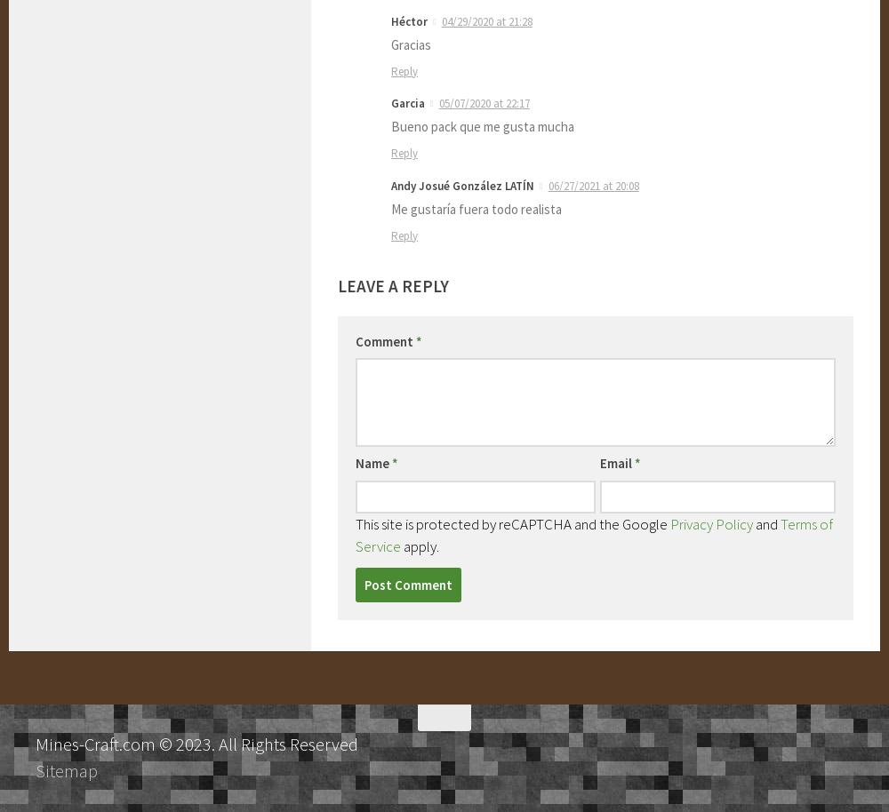 This screenshot has width=889, height=812. What do you see at coordinates (386, 340) in the screenshot?
I see `'Comment'` at bounding box center [386, 340].